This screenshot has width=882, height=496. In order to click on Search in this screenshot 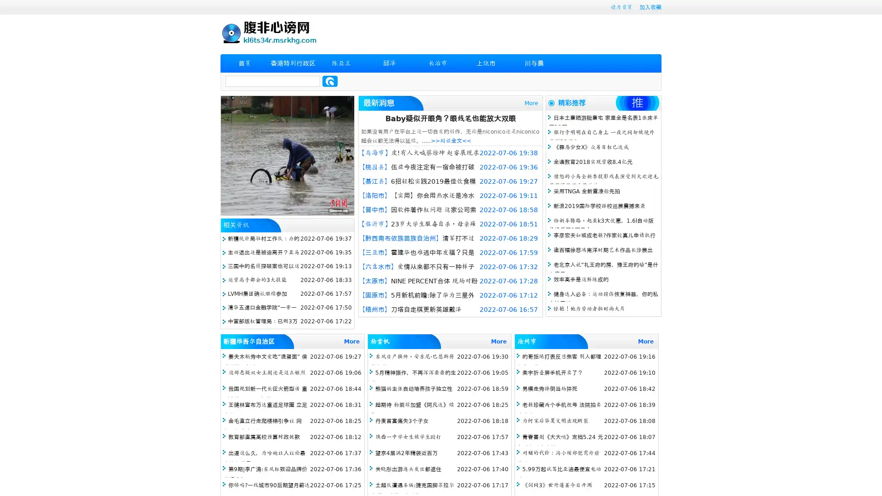, I will do `click(330, 81)`.